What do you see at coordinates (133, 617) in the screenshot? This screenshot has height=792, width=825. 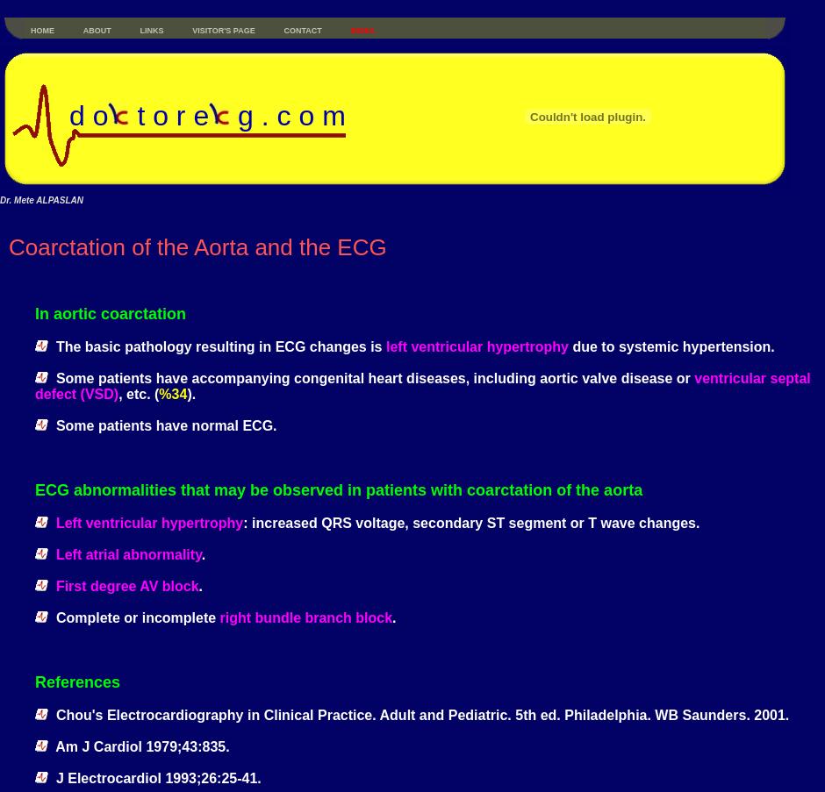 I see `'Complete or incomplete'` at bounding box center [133, 617].